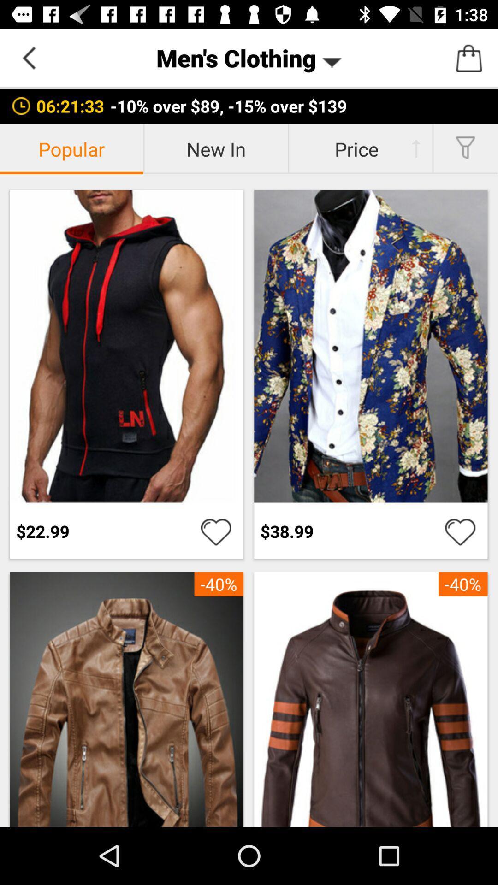 The image size is (498, 885). Describe the element at coordinates (216, 531) in the screenshot. I see `this` at that location.